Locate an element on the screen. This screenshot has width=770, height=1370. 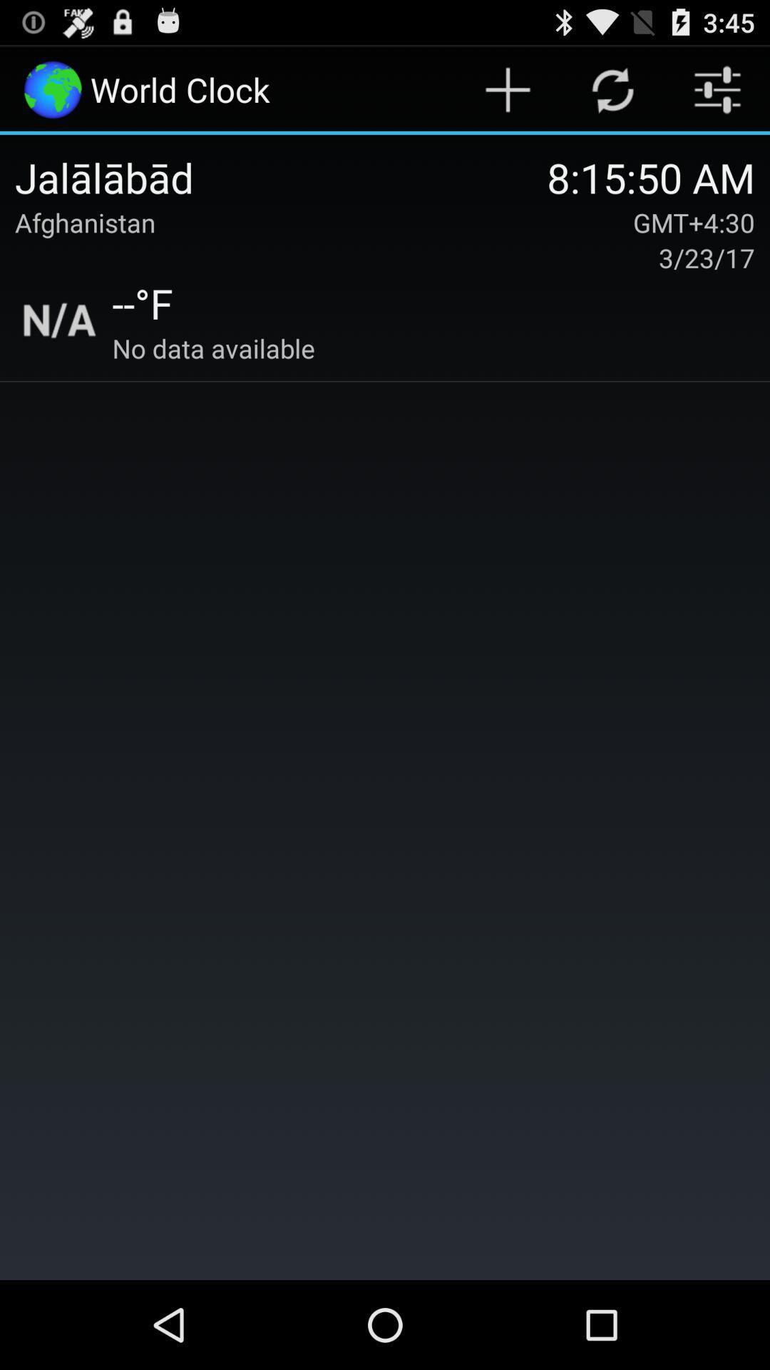
gmt+4:30 item is located at coordinates (693, 222).